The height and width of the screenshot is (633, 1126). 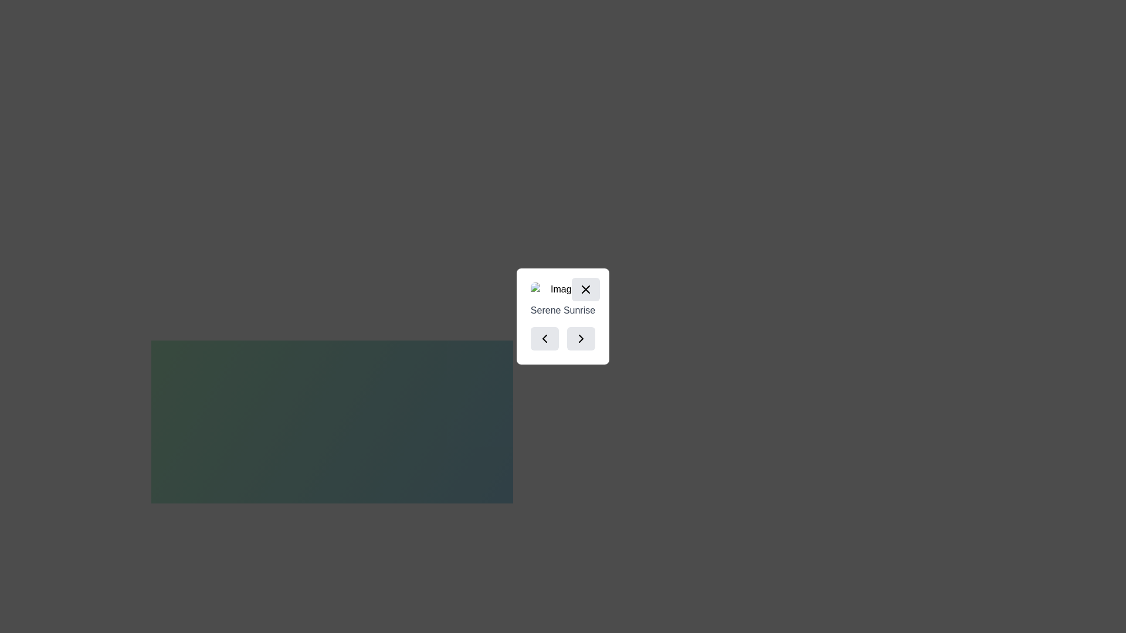 I want to click on text label displaying 'Serene Sunrise', which is centered below an image placeholder in a pop-up card-like structure, so click(x=563, y=309).